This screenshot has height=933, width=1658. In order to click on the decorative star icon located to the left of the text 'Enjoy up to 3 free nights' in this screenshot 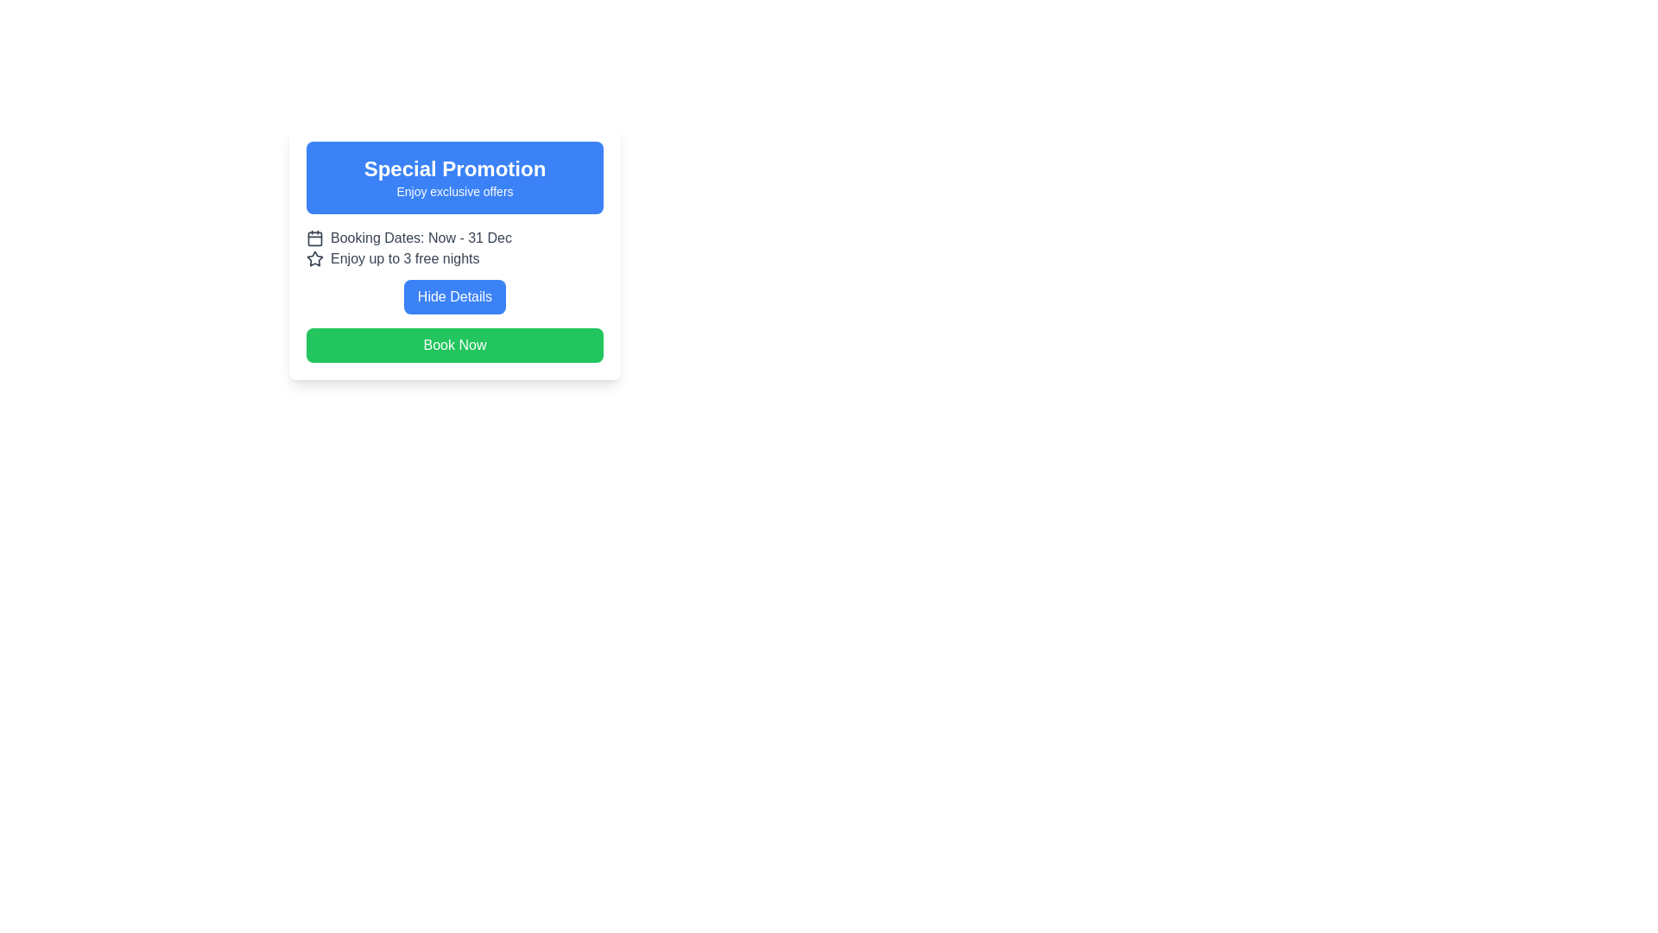, I will do `click(314, 259)`.